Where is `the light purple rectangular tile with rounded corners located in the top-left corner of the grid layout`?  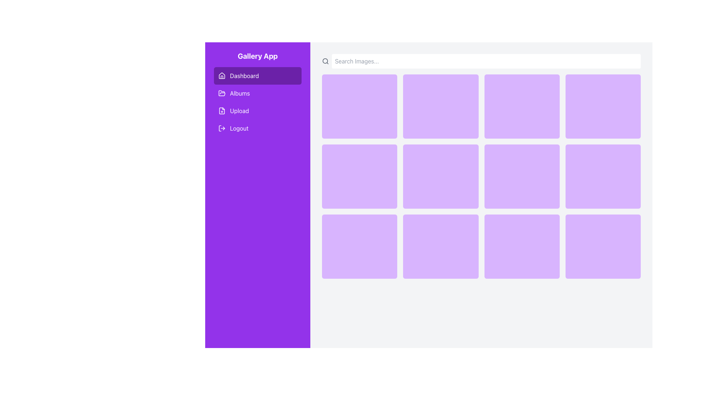
the light purple rectangular tile with rounded corners located in the top-left corner of the grid layout is located at coordinates (360, 107).